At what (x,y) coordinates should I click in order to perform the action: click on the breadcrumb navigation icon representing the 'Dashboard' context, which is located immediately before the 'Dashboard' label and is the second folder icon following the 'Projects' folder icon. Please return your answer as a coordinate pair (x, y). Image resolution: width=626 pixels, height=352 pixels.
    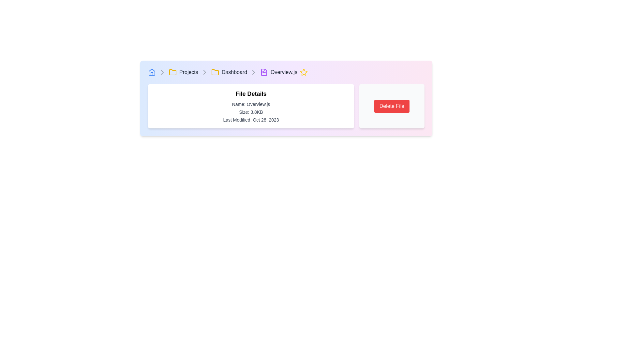
    Looking at the image, I should click on (215, 72).